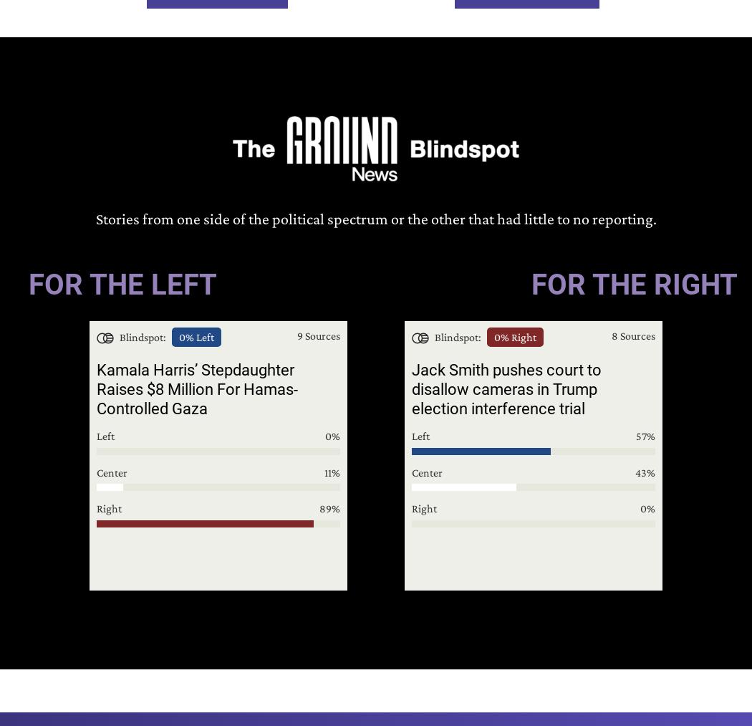 This screenshot has height=726, width=752. What do you see at coordinates (645, 471) in the screenshot?
I see `'43%'` at bounding box center [645, 471].